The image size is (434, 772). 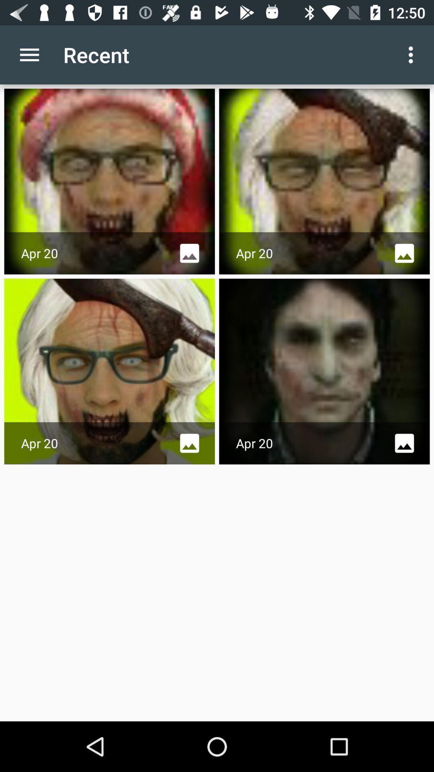 I want to click on the first image which is located at left corner, so click(x=110, y=181).